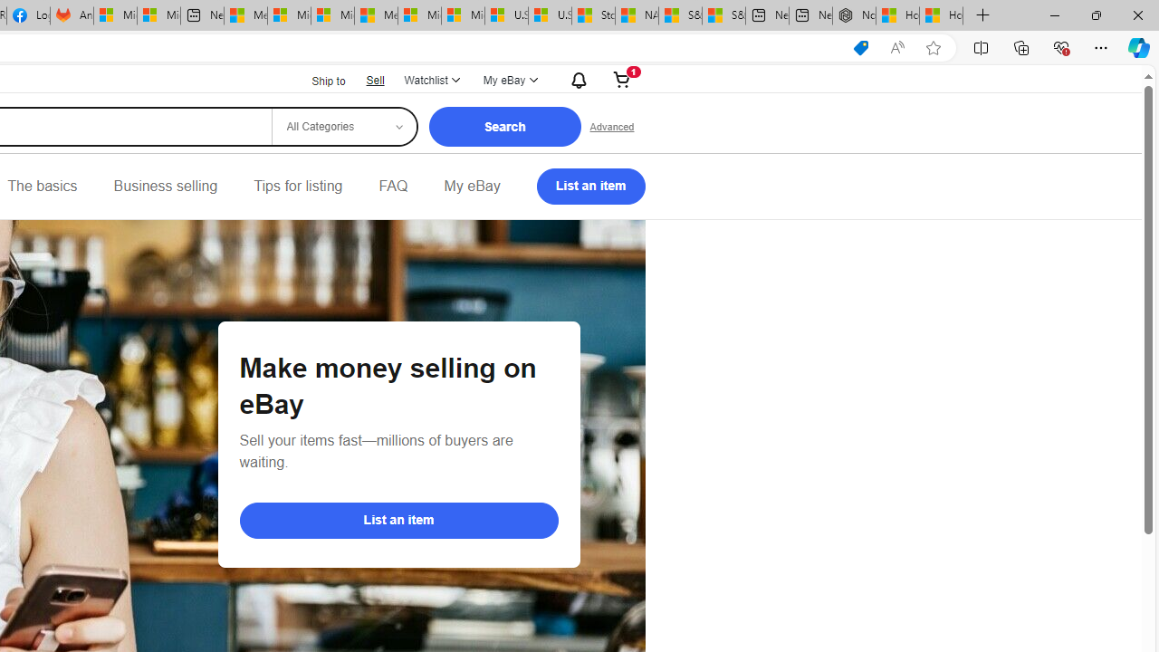  What do you see at coordinates (472, 186) in the screenshot?
I see `'My eBay'` at bounding box center [472, 186].